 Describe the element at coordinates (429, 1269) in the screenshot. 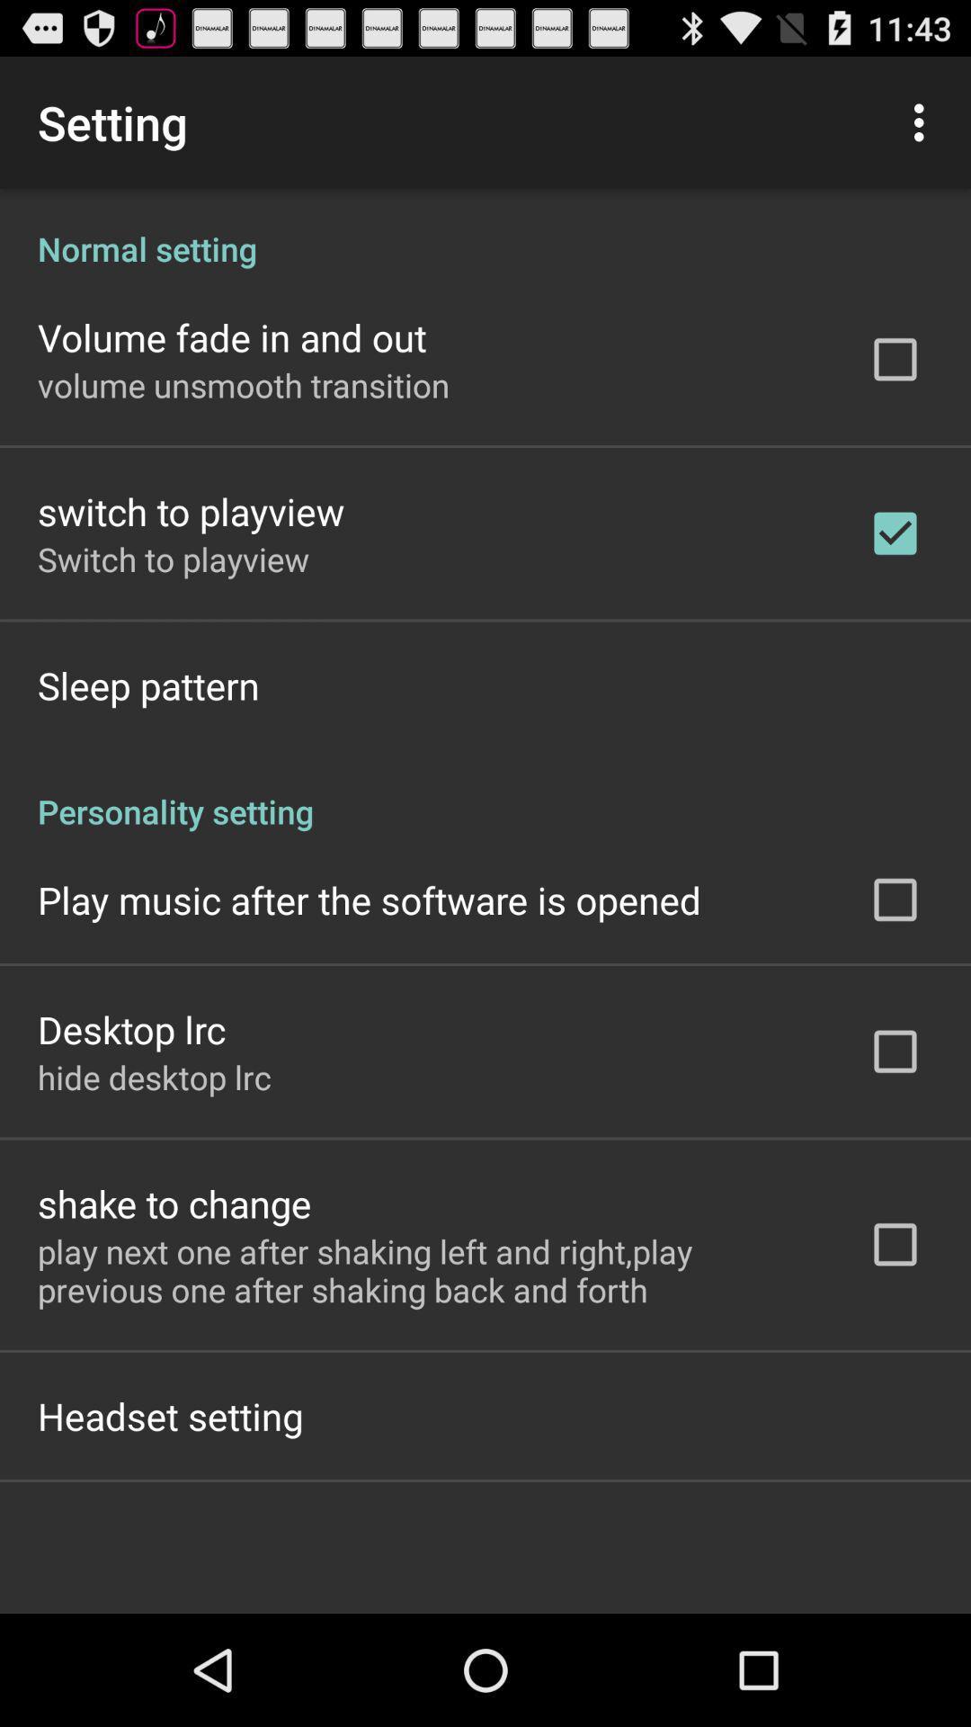

I see `icon at the bottom` at that location.